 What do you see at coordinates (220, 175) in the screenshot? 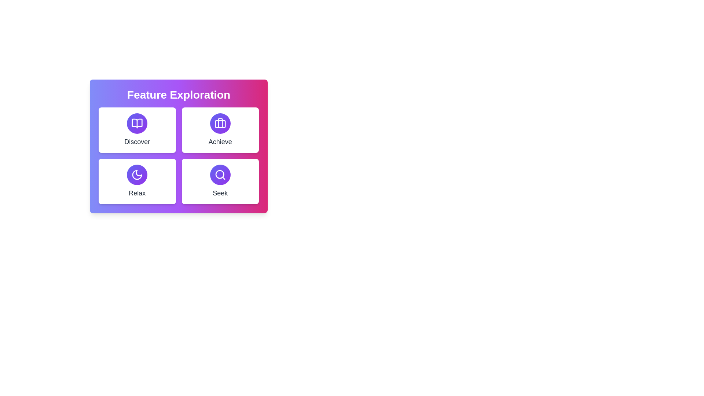
I see `the circular button with a gradient background and a white magnifying glass icon, located at the top of the 'Seek' section` at bounding box center [220, 175].